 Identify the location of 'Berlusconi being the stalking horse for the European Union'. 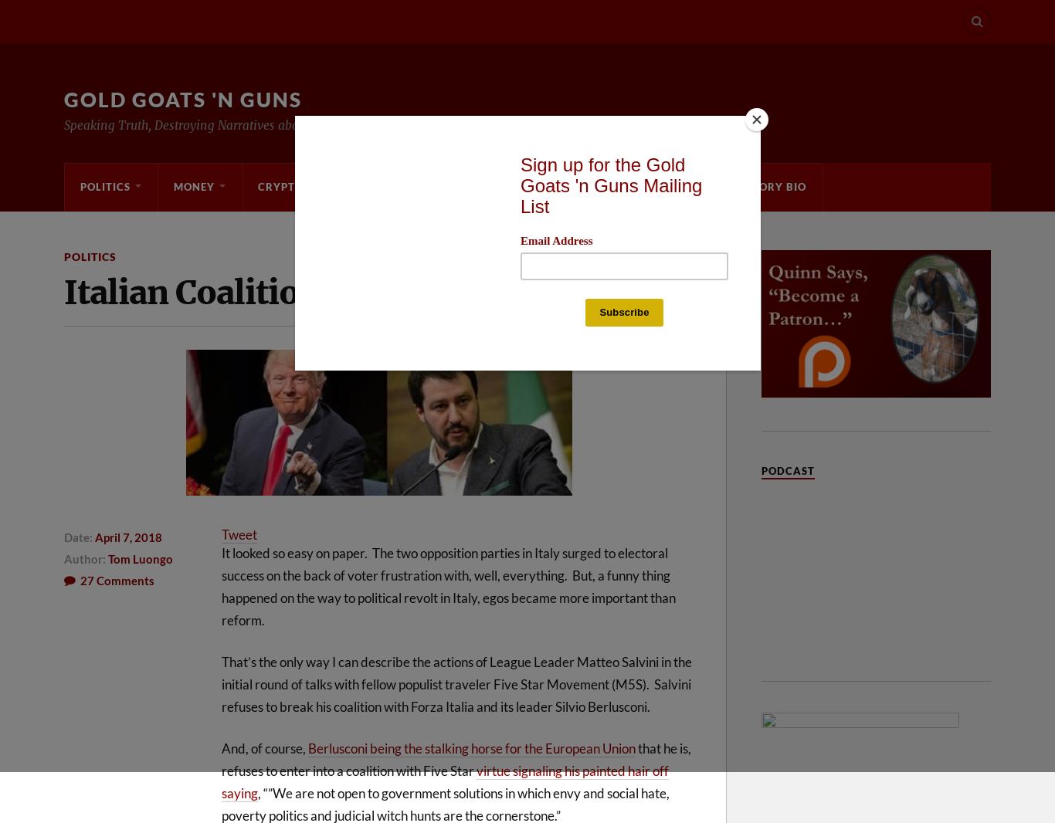
(471, 748).